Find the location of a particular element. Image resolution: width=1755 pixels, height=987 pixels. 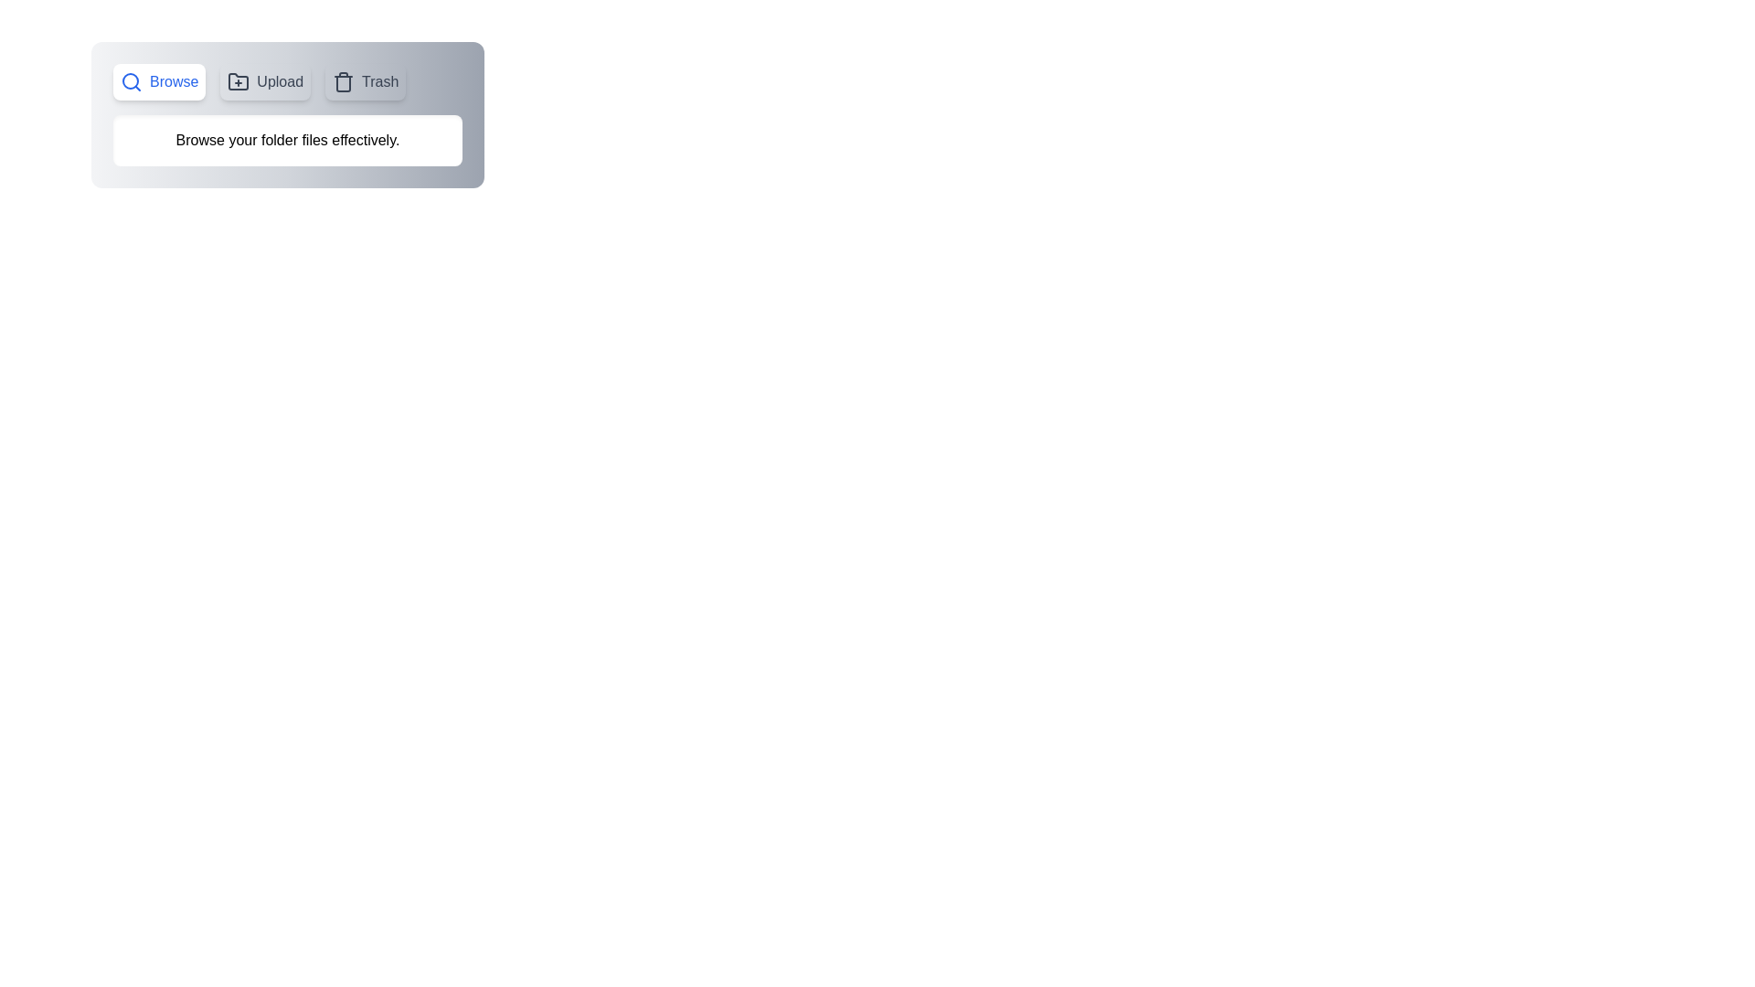

the Browse tab to activate it is located at coordinates (159, 80).